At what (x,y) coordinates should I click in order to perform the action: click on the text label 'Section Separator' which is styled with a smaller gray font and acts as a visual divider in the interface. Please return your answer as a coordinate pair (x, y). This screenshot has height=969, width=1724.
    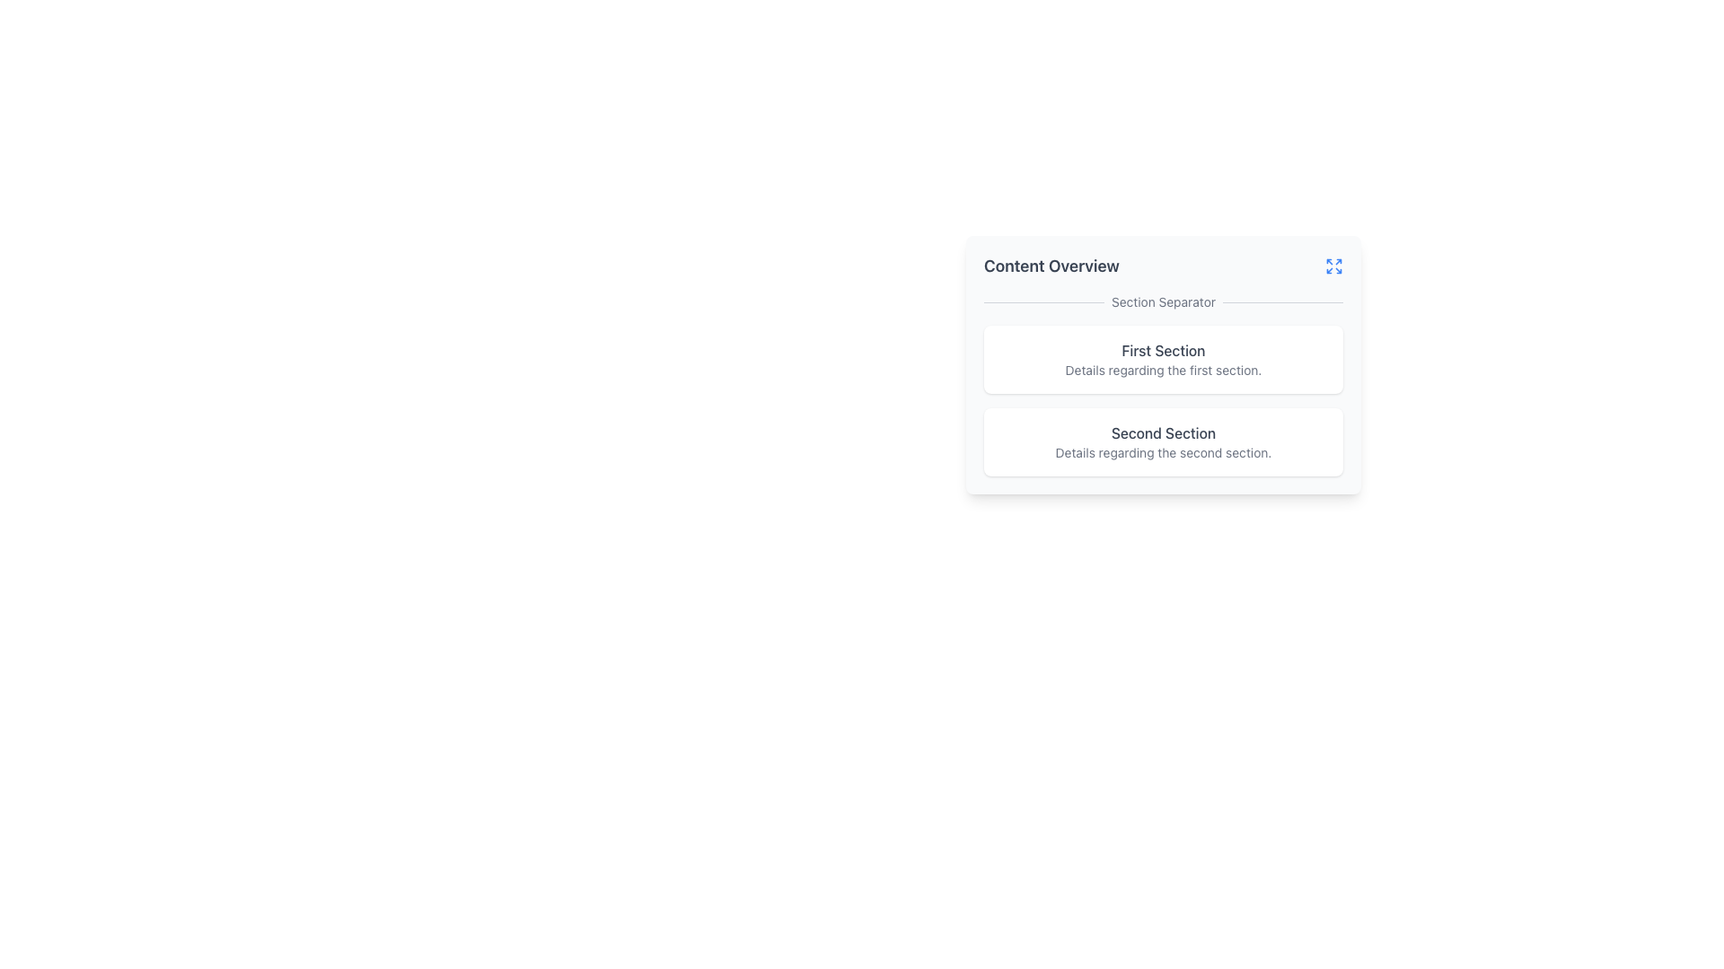
    Looking at the image, I should click on (1164, 301).